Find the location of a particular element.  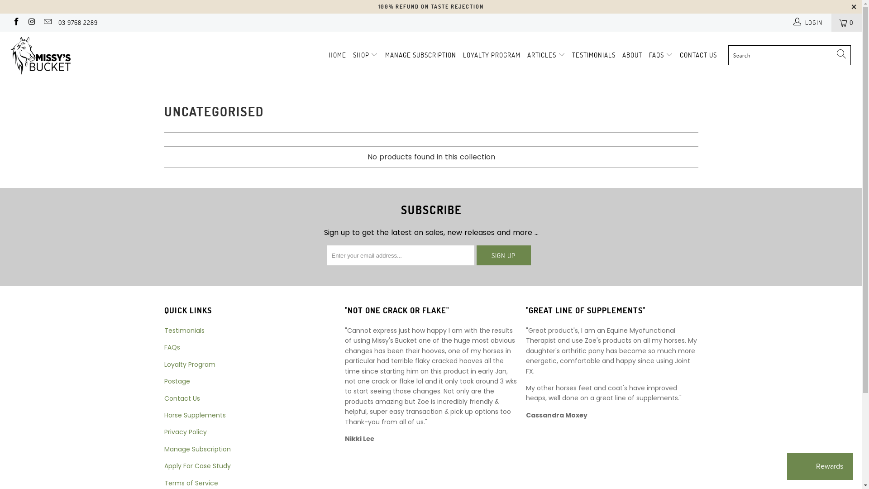

'FAQS' is located at coordinates (661, 55).